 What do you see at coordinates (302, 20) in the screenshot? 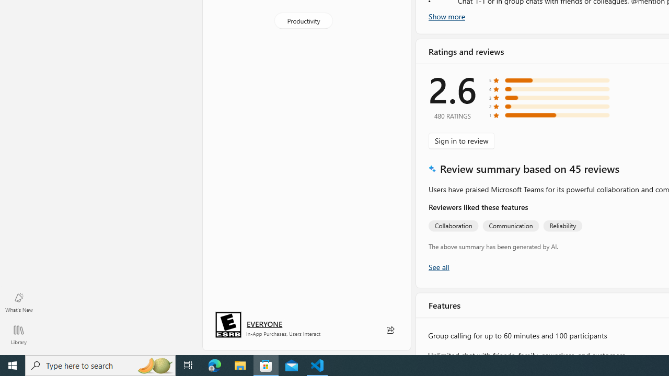
I see `'Productivity'` at bounding box center [302, 20].